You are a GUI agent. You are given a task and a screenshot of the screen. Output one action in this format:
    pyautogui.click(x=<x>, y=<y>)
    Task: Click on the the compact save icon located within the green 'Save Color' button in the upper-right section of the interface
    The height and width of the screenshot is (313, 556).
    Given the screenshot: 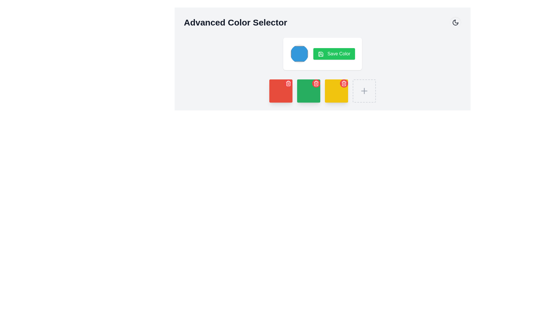 What is the action you would take?
    pyautogui.click(x=321, y=54)
    